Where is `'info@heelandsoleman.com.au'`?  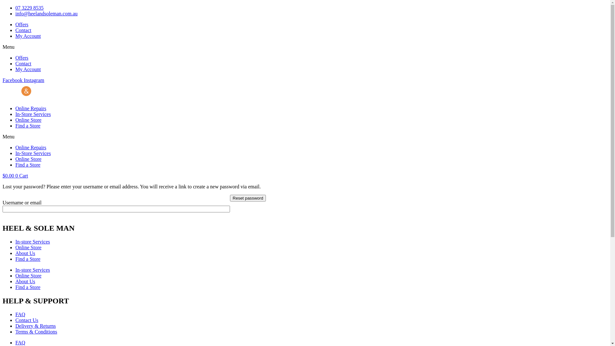
'info@heelandsoleman.com.au' is located at coordinates (46, 13).